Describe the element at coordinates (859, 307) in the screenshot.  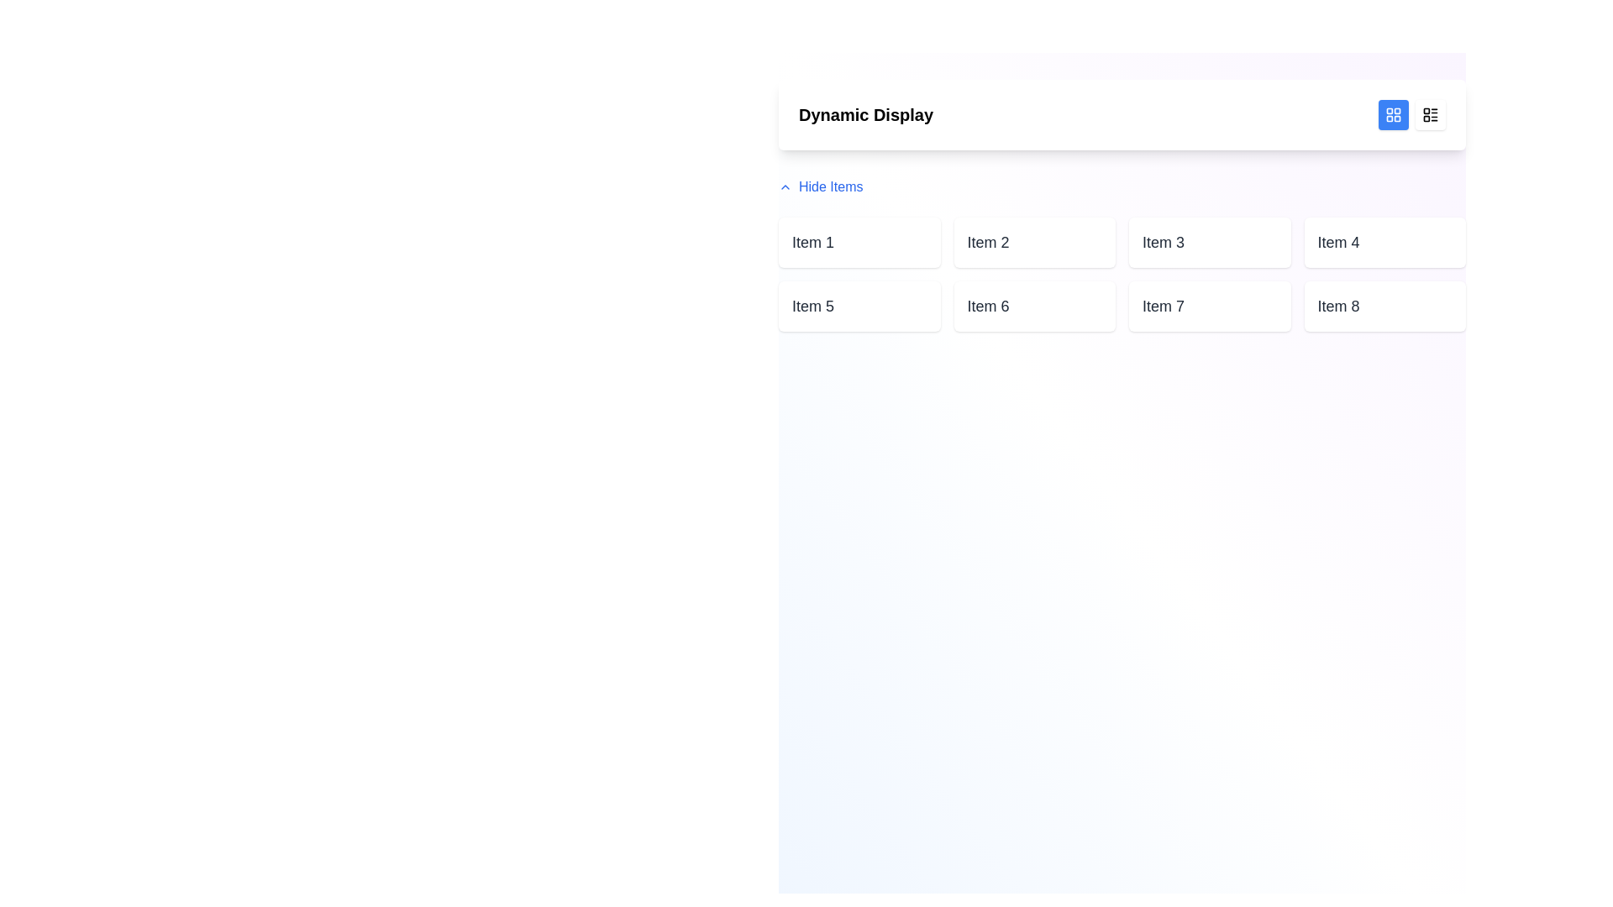
I see `the rectangular card displaying 'Item 5' located` at that location.